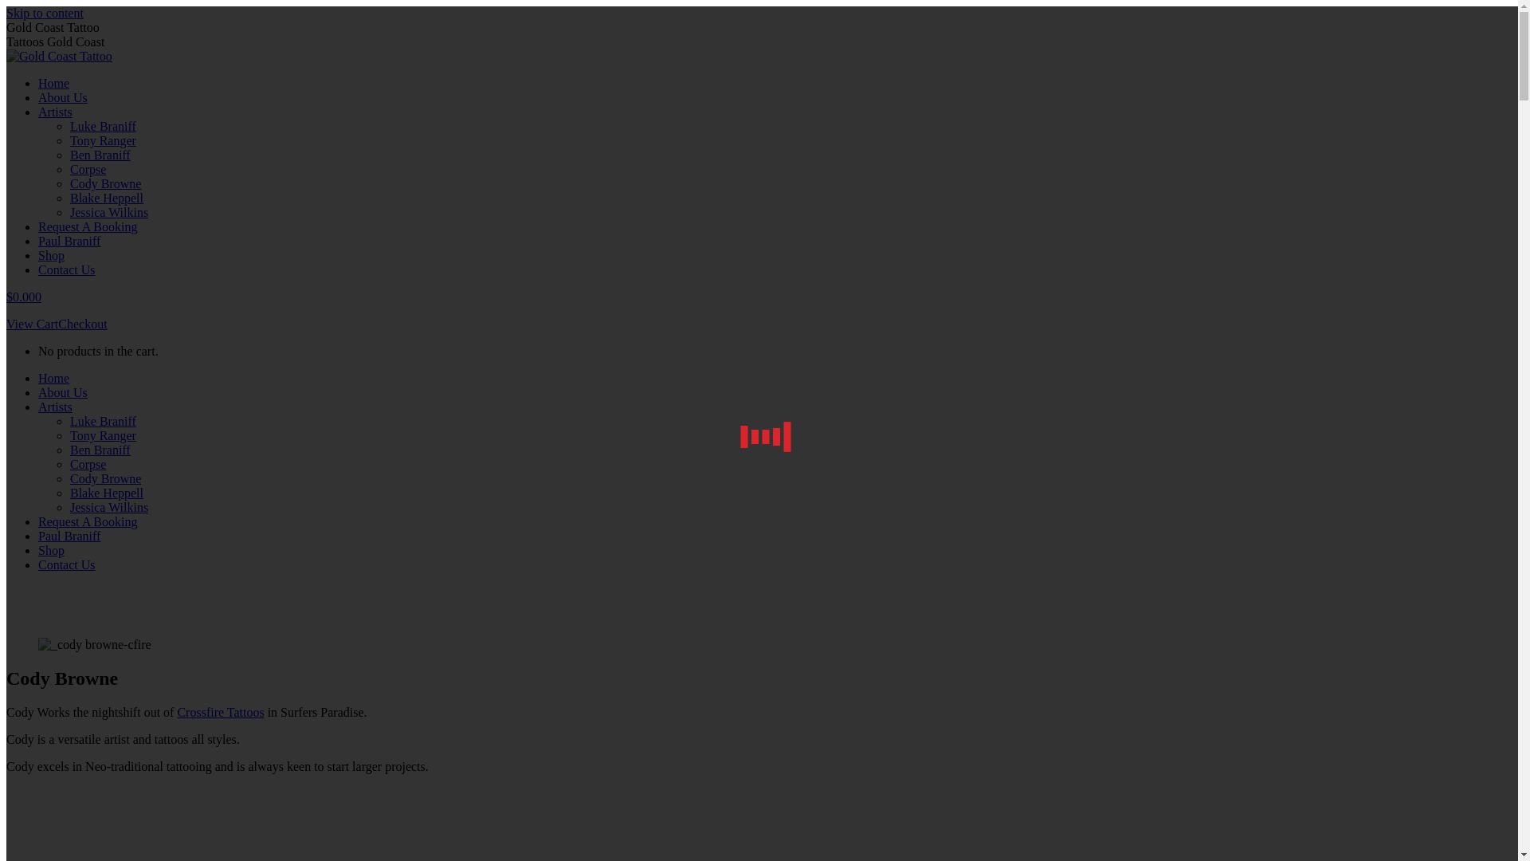 The width and height of the screenshot is (1530, 861). Describe the element at coordinates (87, 226) in the screenshot. I see `'Request A Booking'` at that location.